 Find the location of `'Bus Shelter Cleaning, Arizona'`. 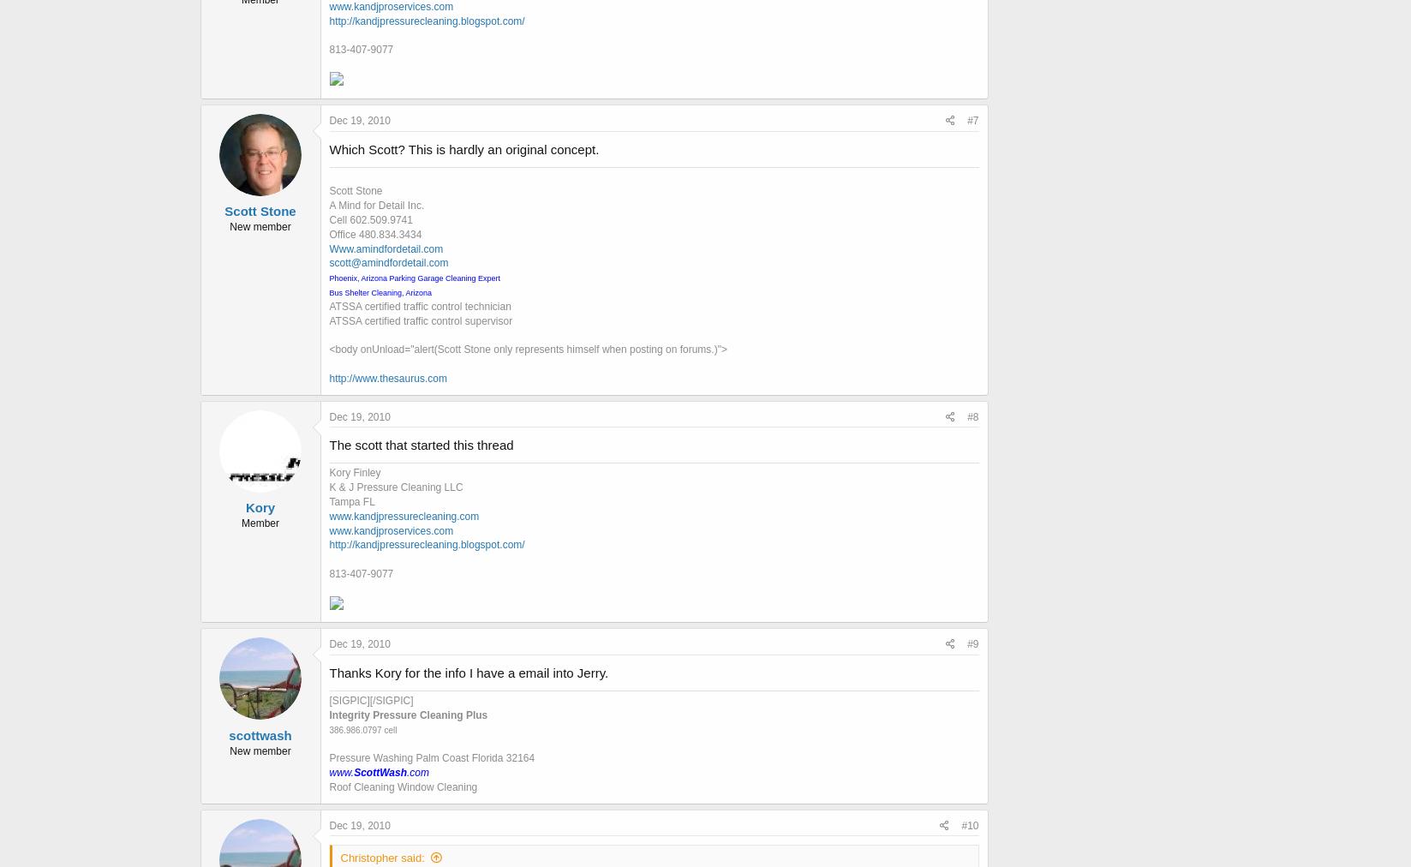

'Bus Shelter Cleaning, Arizona' is located at coordinates (380, 291).